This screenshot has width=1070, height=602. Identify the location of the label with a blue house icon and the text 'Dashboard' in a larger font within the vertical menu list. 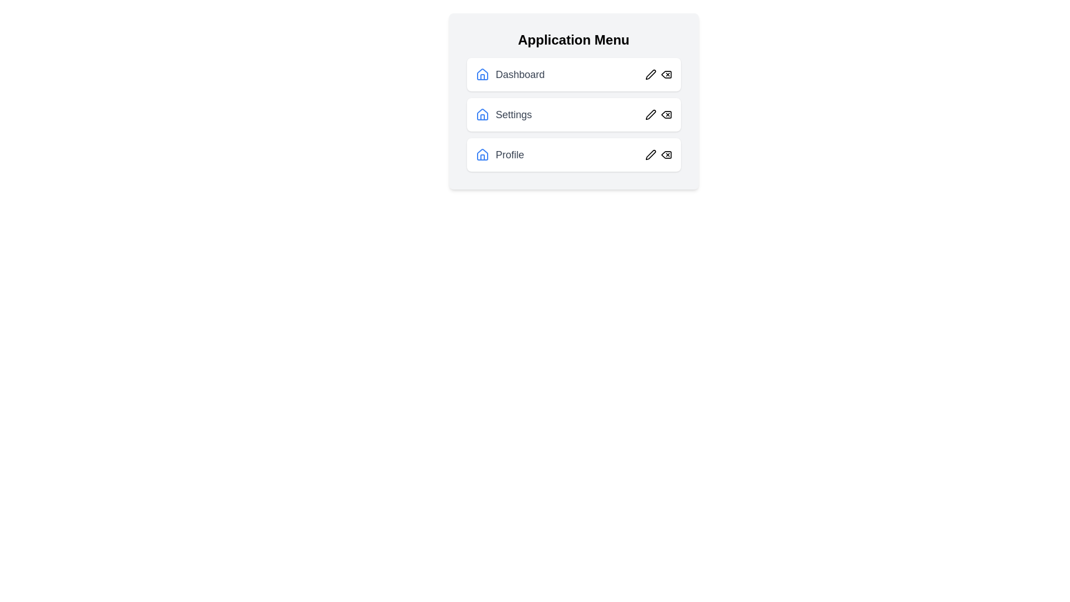
(509, 75).